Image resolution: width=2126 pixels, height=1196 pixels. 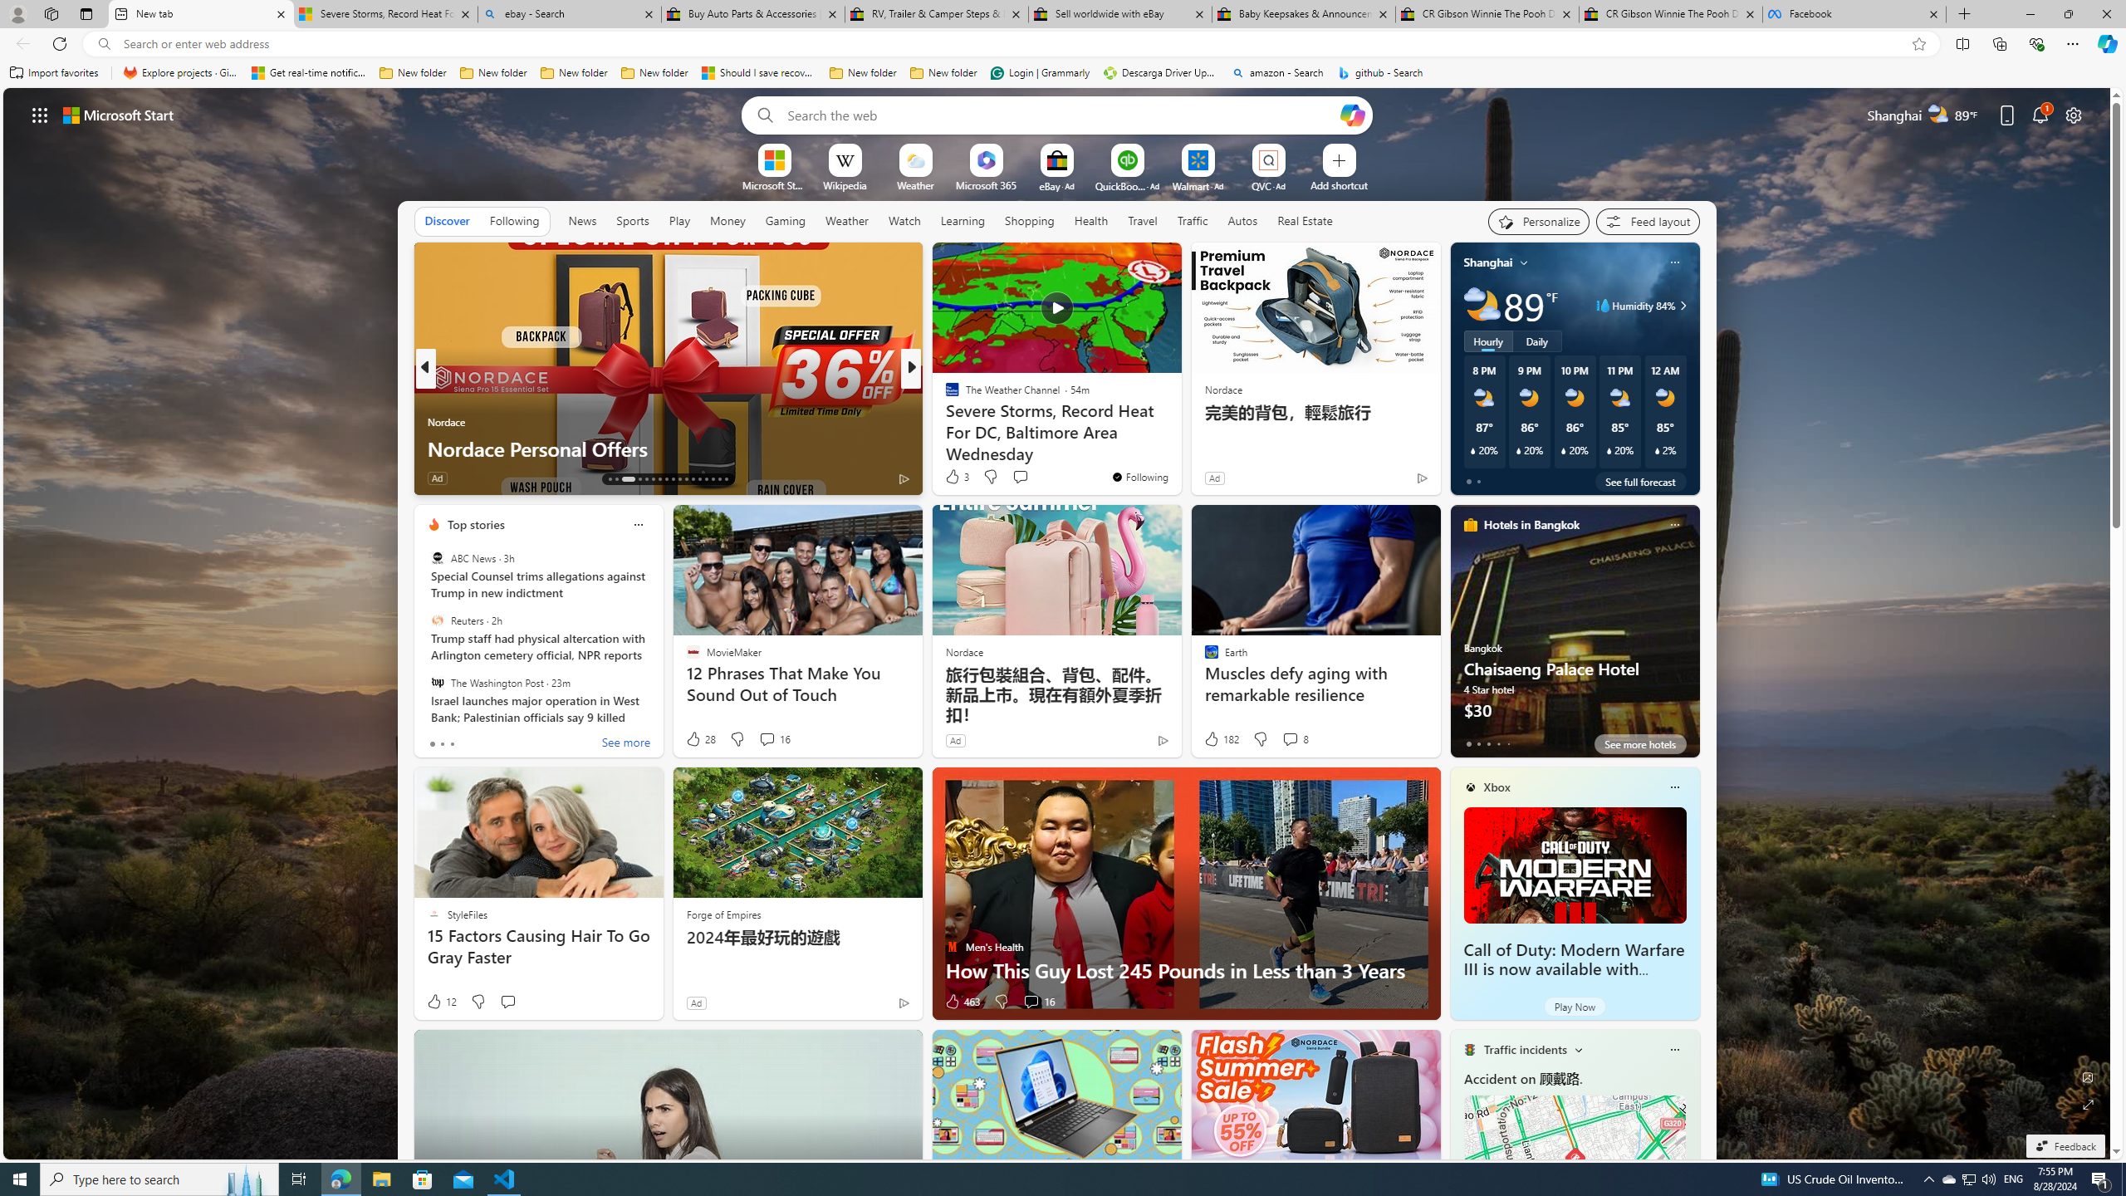 What do you see at coordinates (944, 394) in the screenshot?
I see `'Body Network'` at bounding box center [944, 394].